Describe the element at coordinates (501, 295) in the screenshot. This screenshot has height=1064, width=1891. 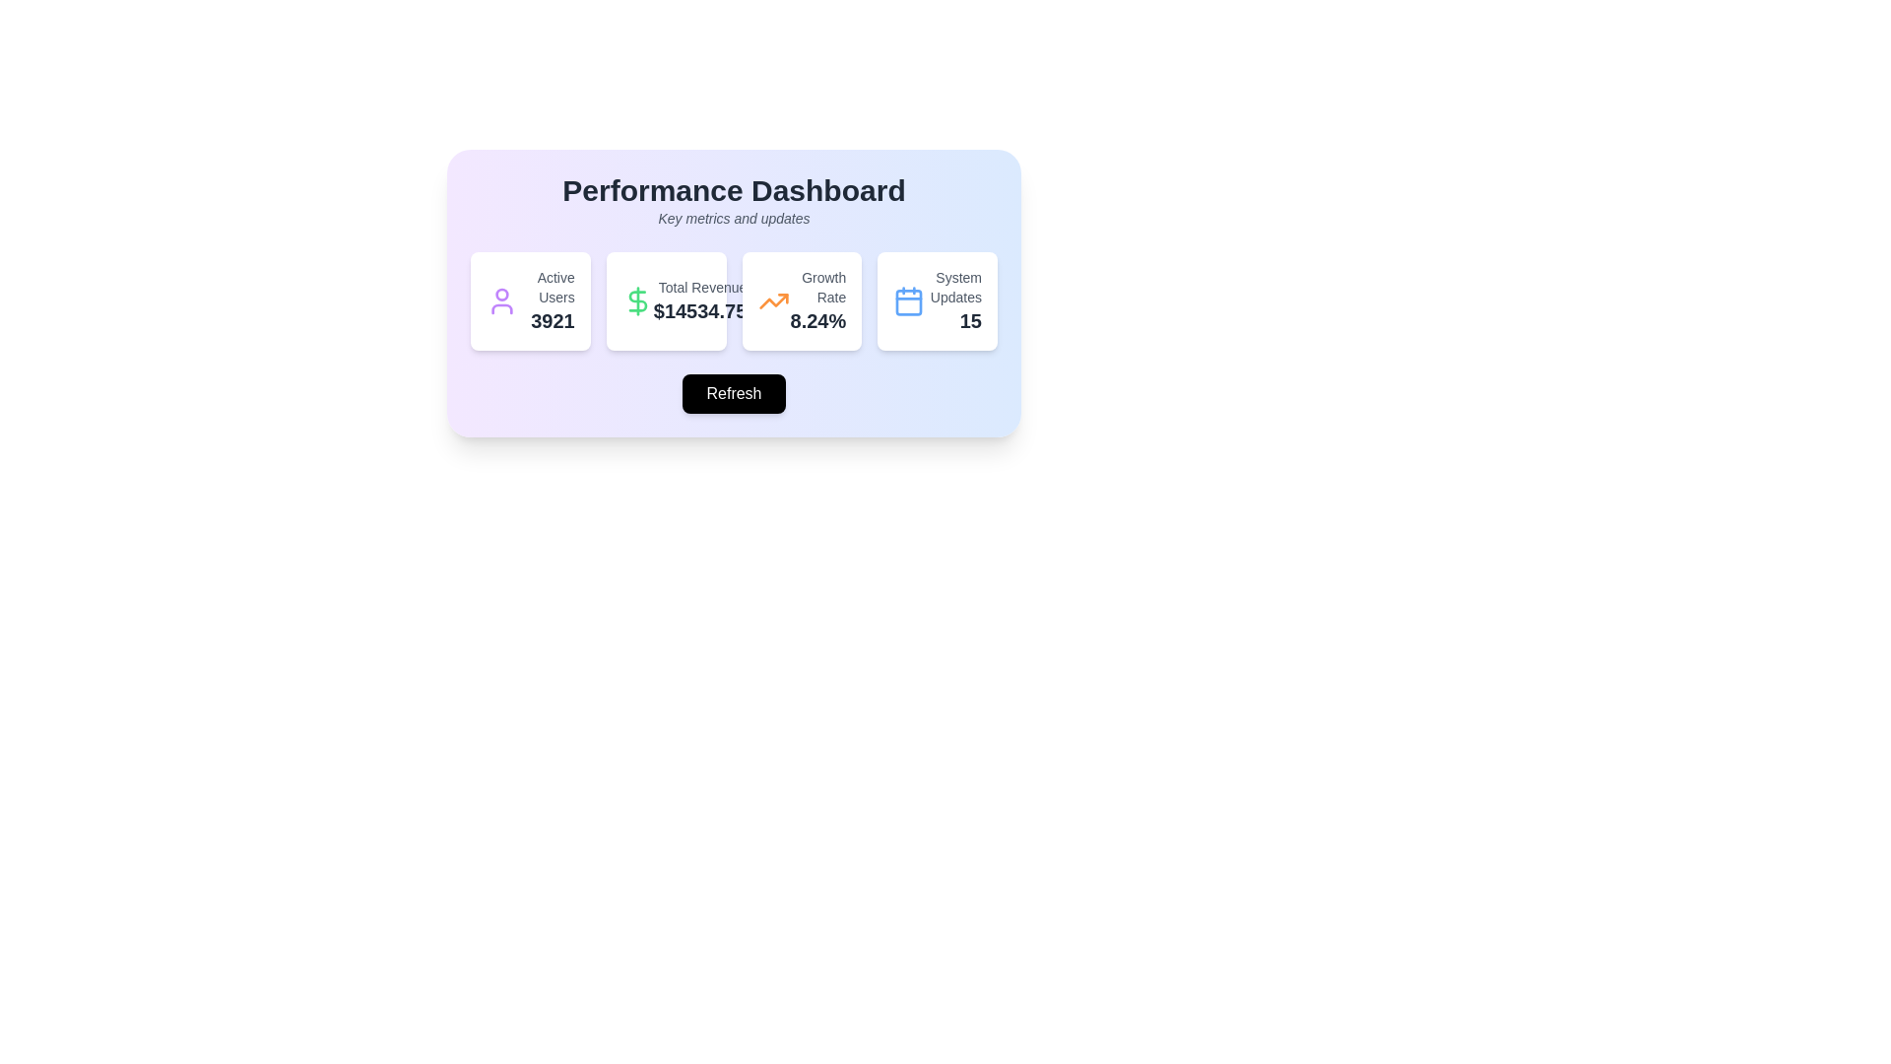
I see `the circular graphical component that is part of the user icon in the 'Active Users' card on the dashboard` at that location.